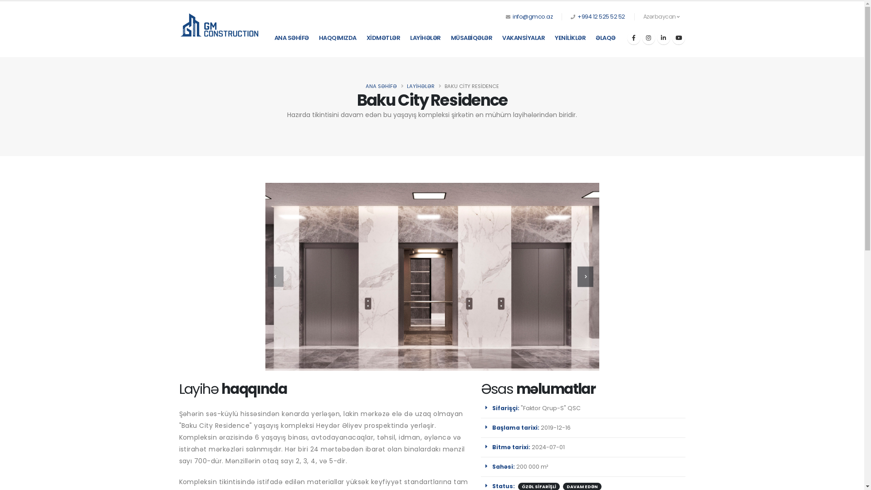 This screenshot has width=871, height=490. I want to click on 'VAKANSIYALAR', so click(523, 38).